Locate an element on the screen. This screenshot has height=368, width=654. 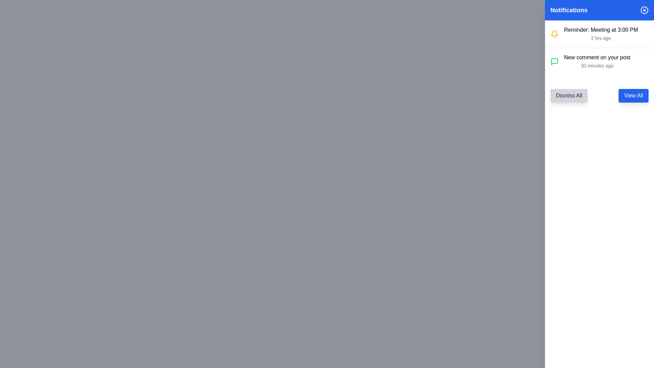
the circular 'X' button located in the top-right corner of the blue 'Notifications' header is located at coordinates (644, 10).